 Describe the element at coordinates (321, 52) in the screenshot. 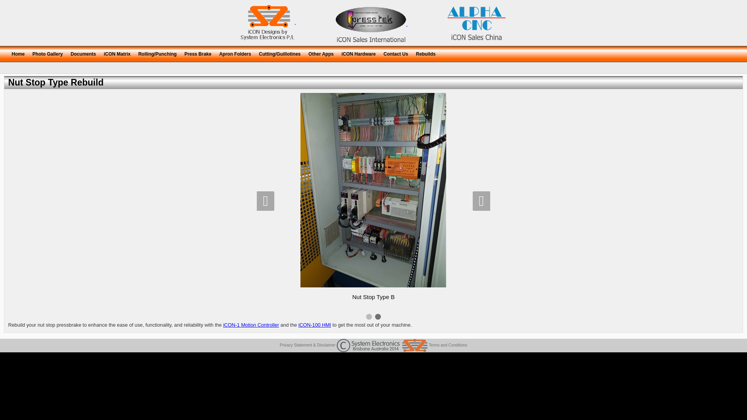

I see `'Other Apps'` at that location.